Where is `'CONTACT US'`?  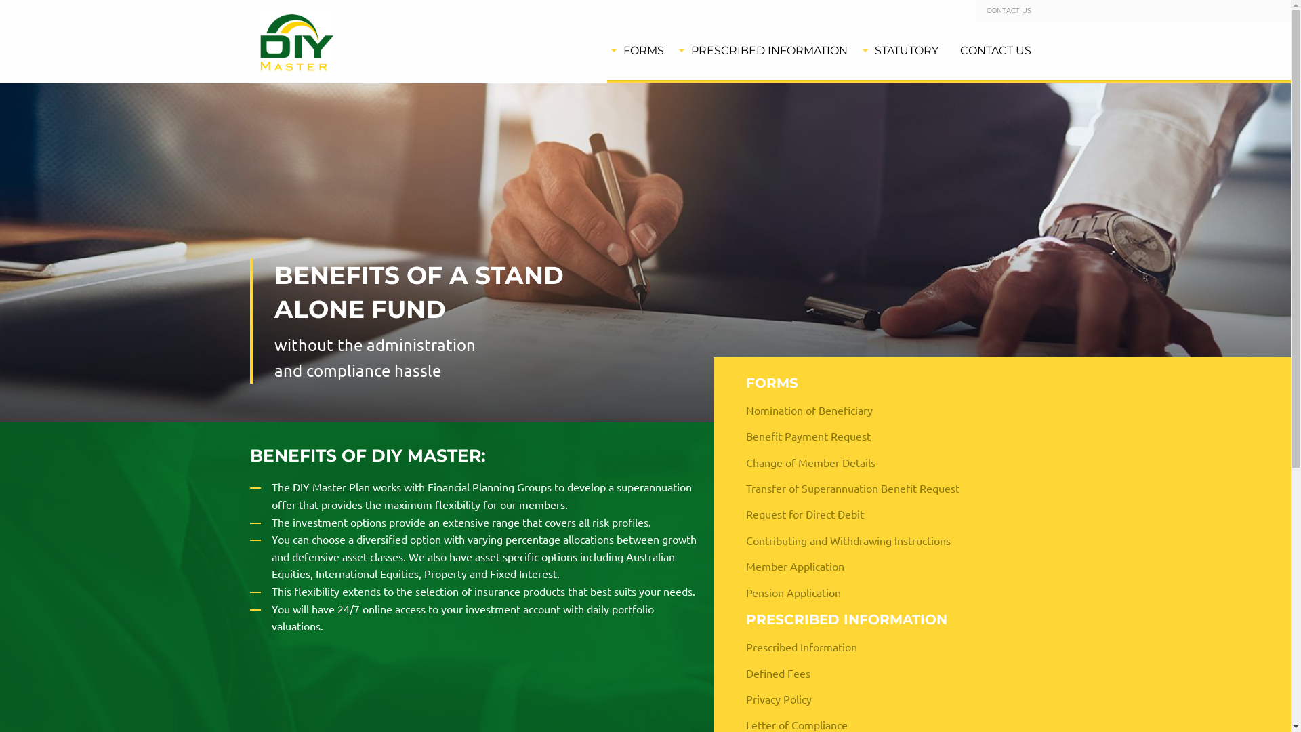
'CONTACT US' is located at coordinates (1008, 10).